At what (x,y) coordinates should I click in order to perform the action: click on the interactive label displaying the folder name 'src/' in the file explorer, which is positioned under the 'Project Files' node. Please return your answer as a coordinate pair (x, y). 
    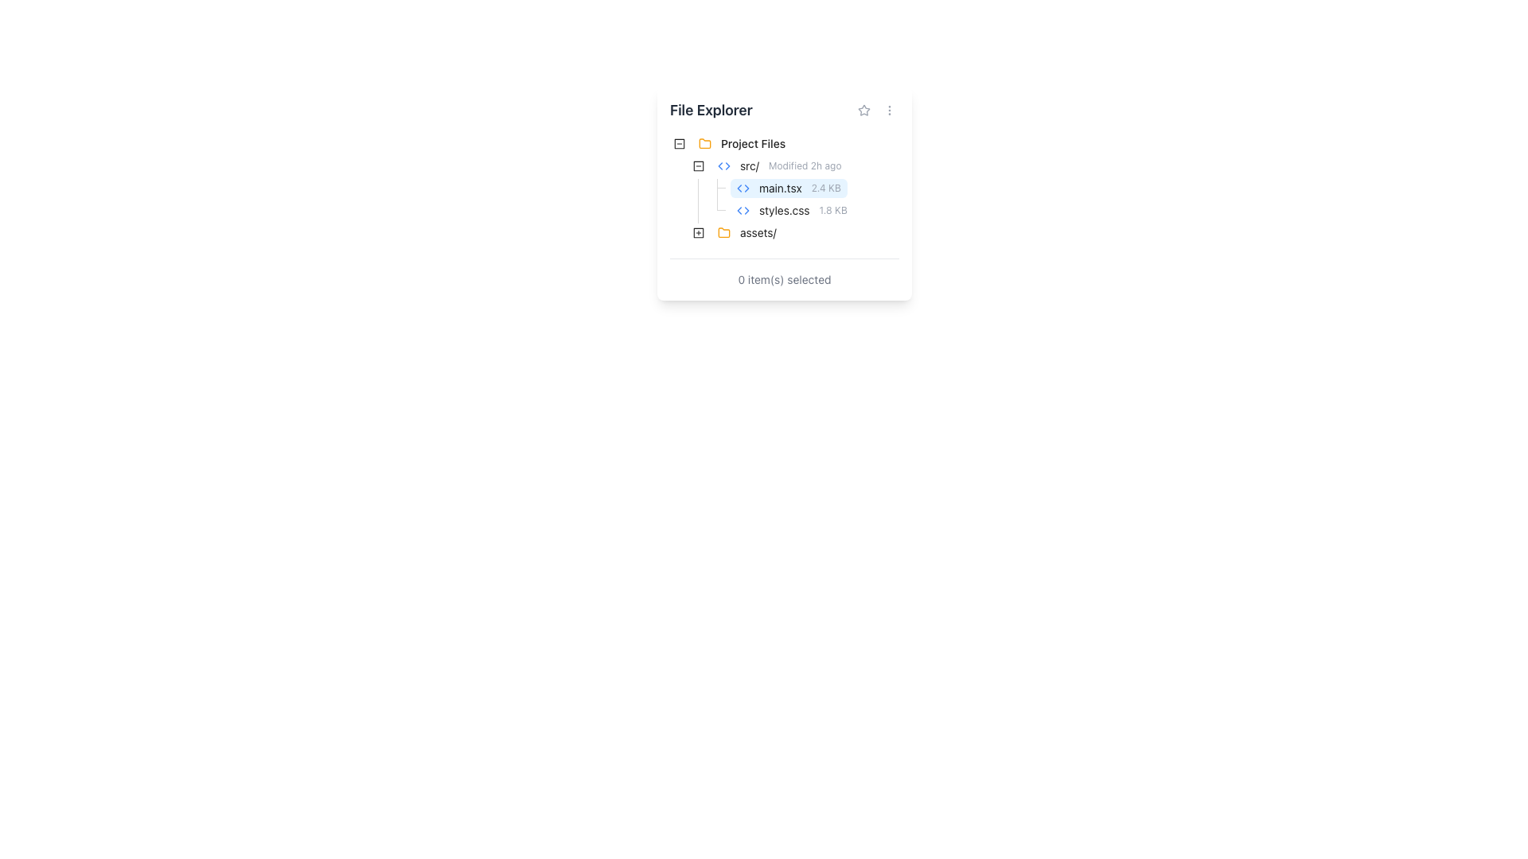
    Looking at the image, I should click on (779, 165).